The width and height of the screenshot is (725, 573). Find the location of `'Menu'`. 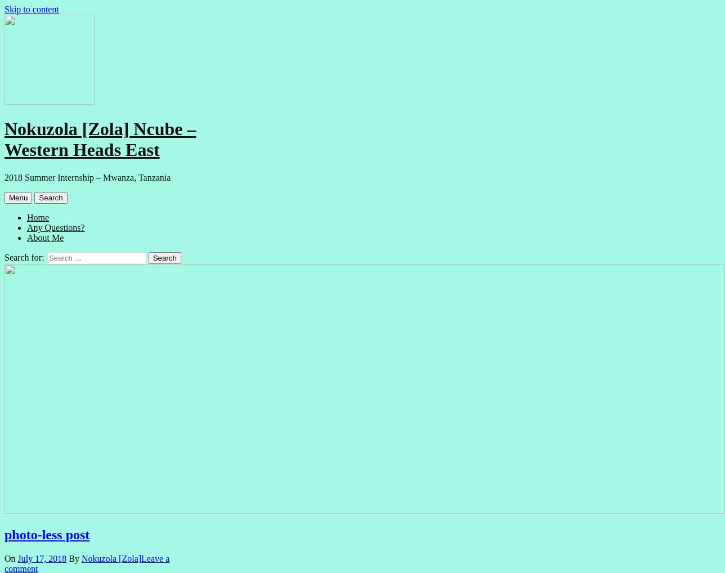

'Menu' is located at coordinates (17, 196).